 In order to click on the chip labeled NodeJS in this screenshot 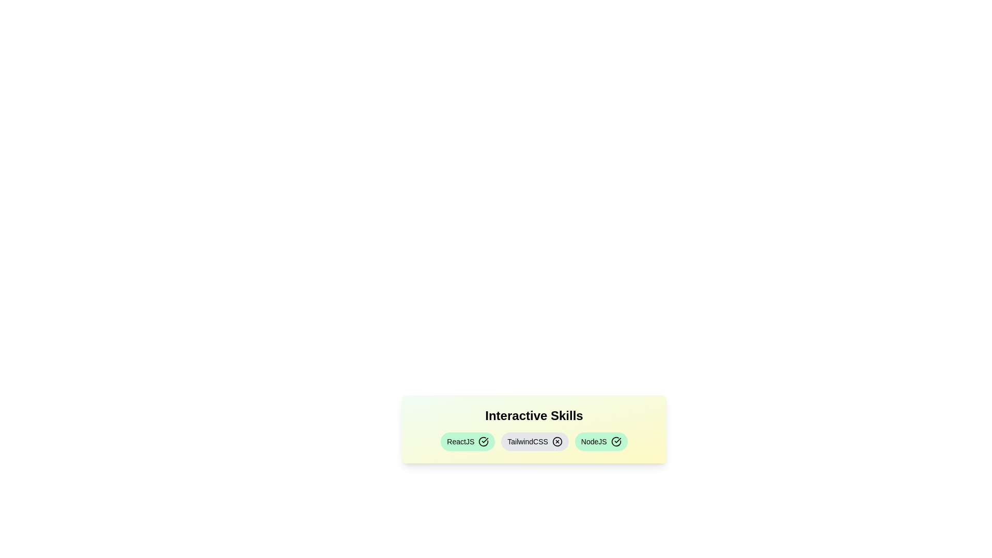, I will do `click(601, 442)`.